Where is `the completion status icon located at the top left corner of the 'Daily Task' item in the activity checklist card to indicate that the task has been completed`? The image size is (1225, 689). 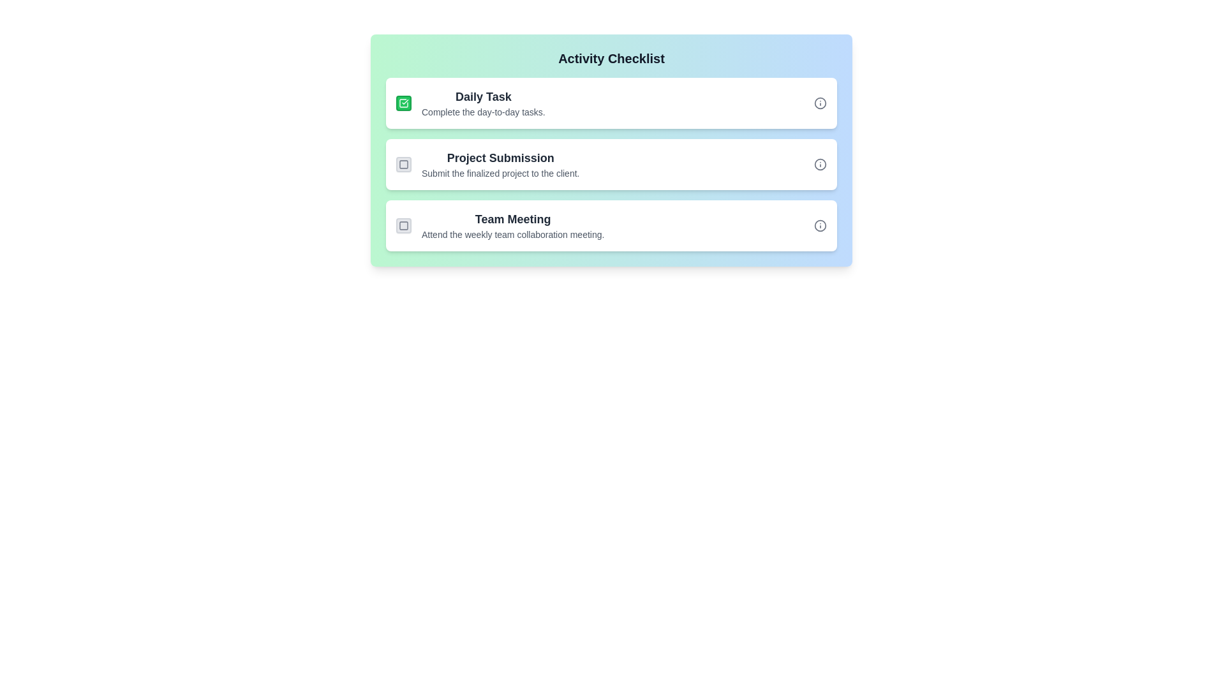
the completion status icon located at the top left corner of the 'Daily Task' item in the activity checklist card to indicate that the task has been completed is located at coordinates (403, 103).